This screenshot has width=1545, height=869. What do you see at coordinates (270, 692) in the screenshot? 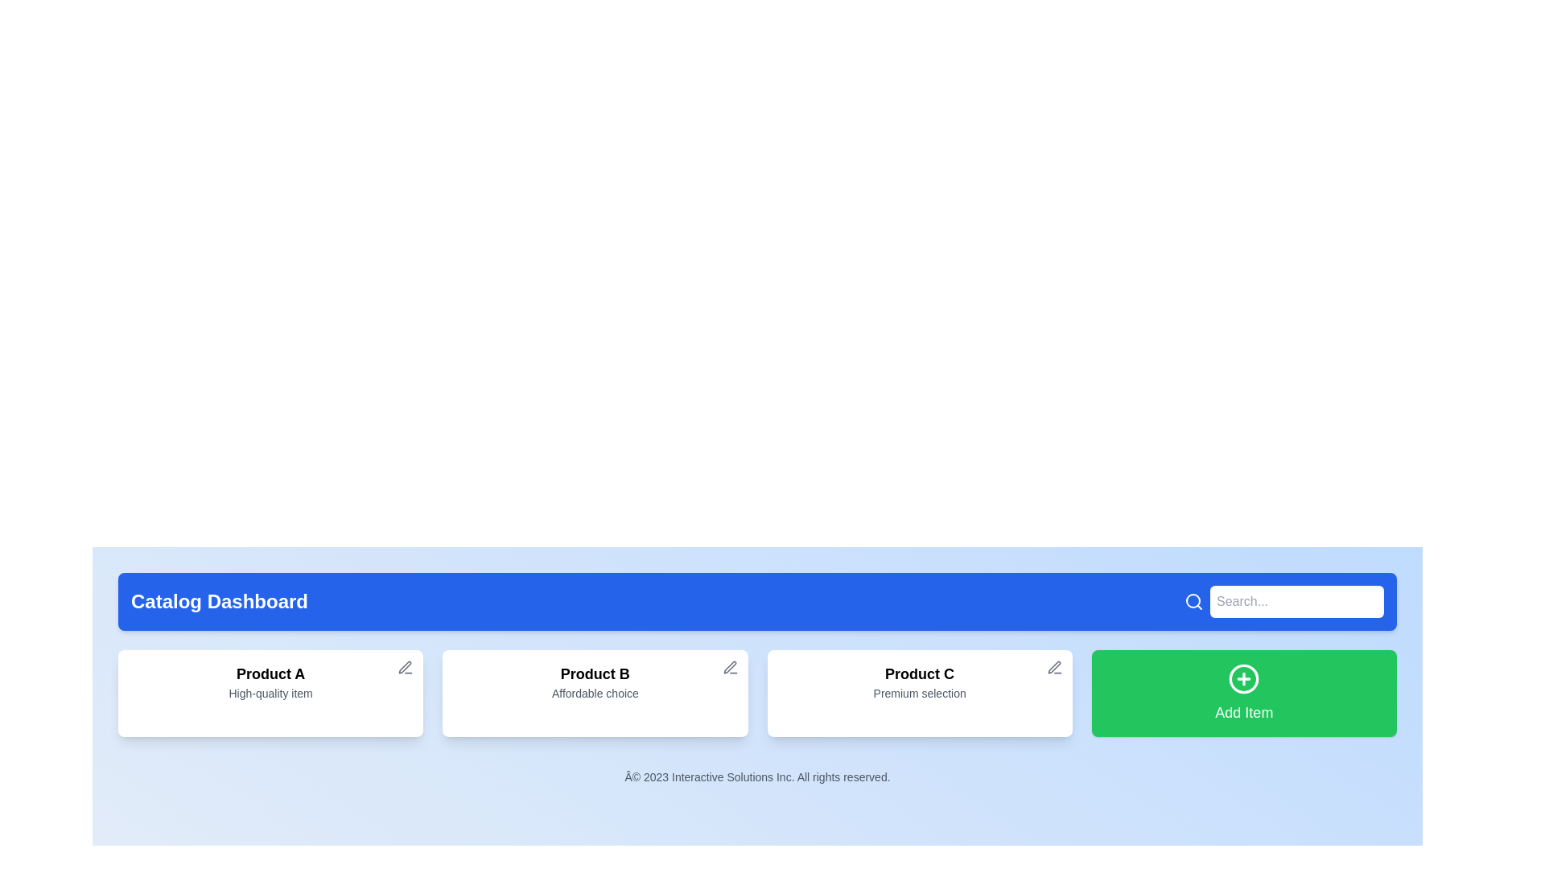
I see `the descriptive label providing additional information about 'Product A', located below its title` at bounding box center [270, 692].